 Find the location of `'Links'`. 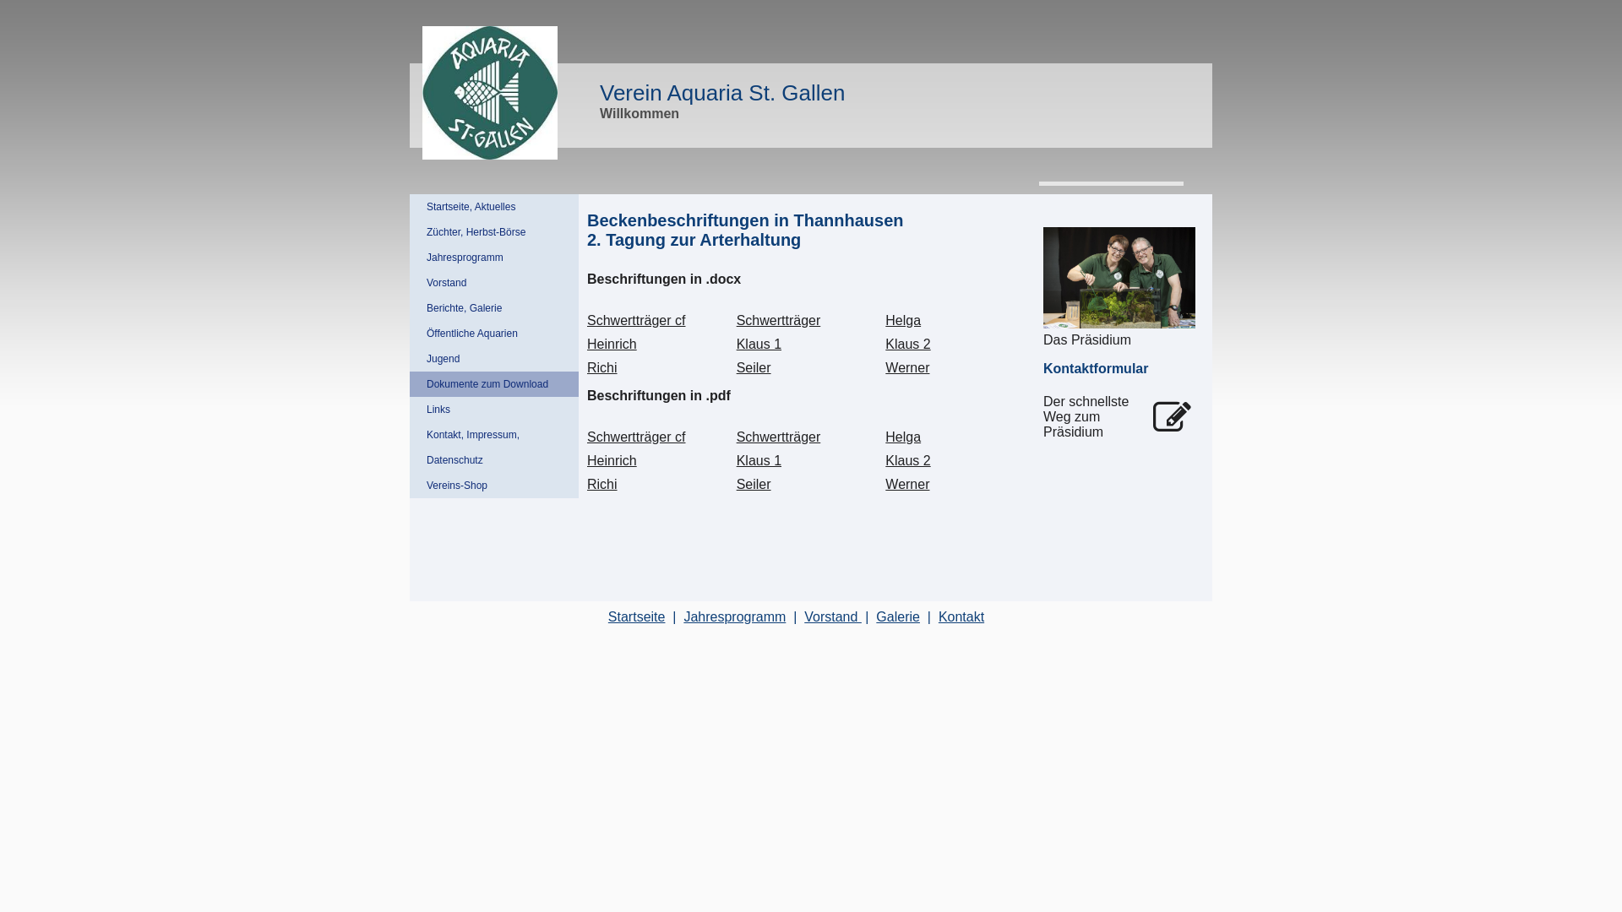

'Links' is located at coordinates (493, 410).